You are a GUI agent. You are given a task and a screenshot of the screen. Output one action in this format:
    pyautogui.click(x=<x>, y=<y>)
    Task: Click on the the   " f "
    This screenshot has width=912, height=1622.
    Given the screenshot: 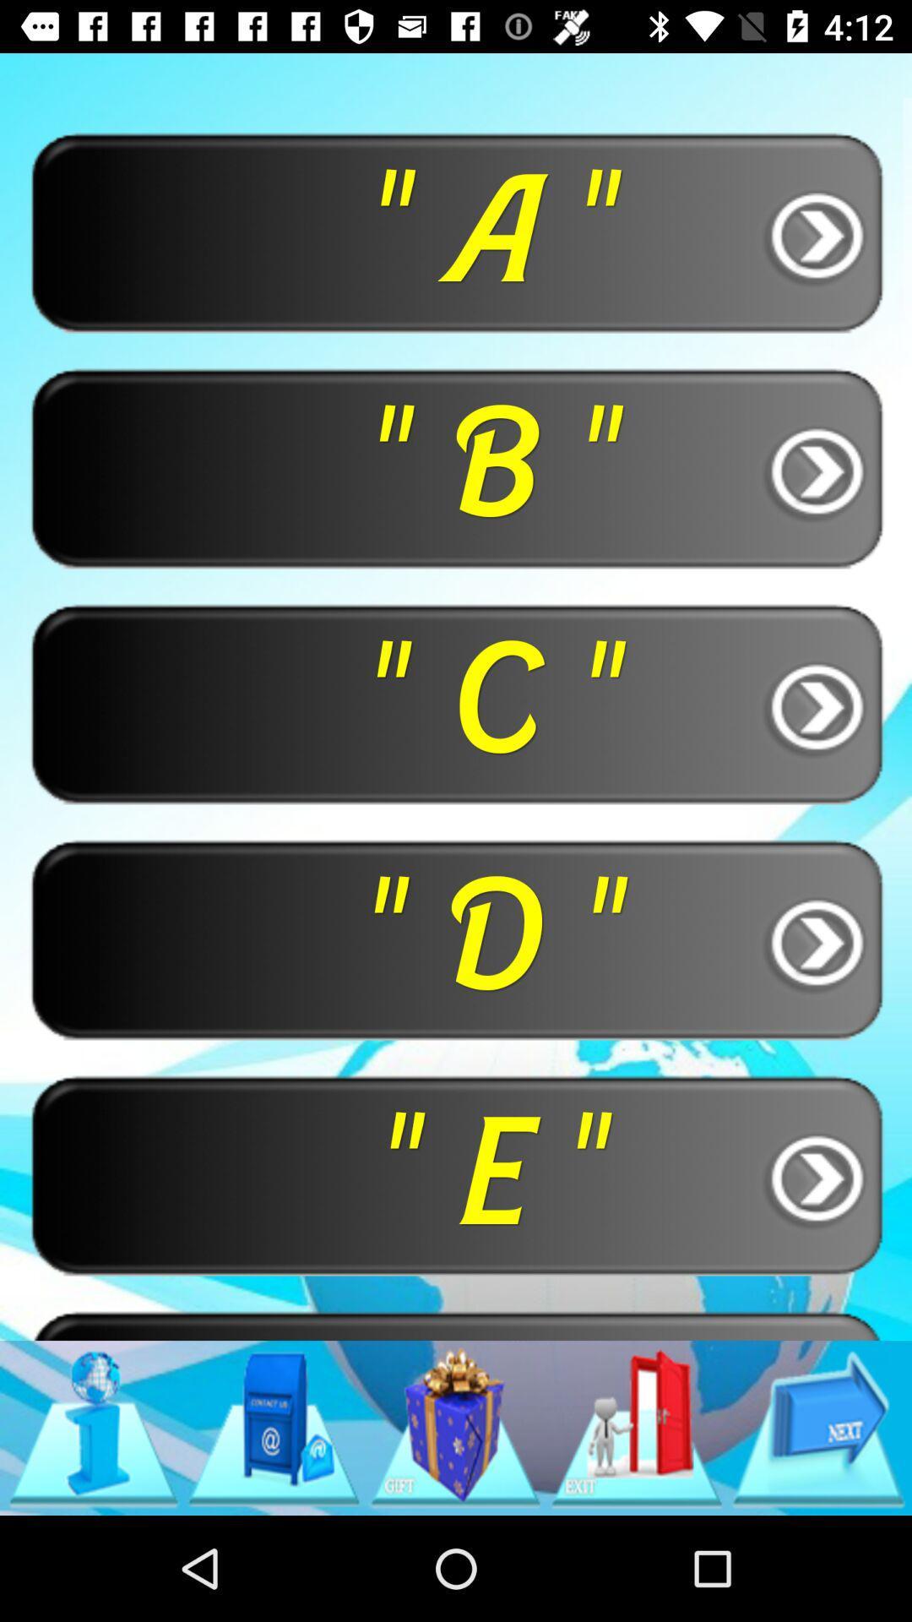 What is the action you would take?
    pyautogui.click(x=456, y=1324)
    